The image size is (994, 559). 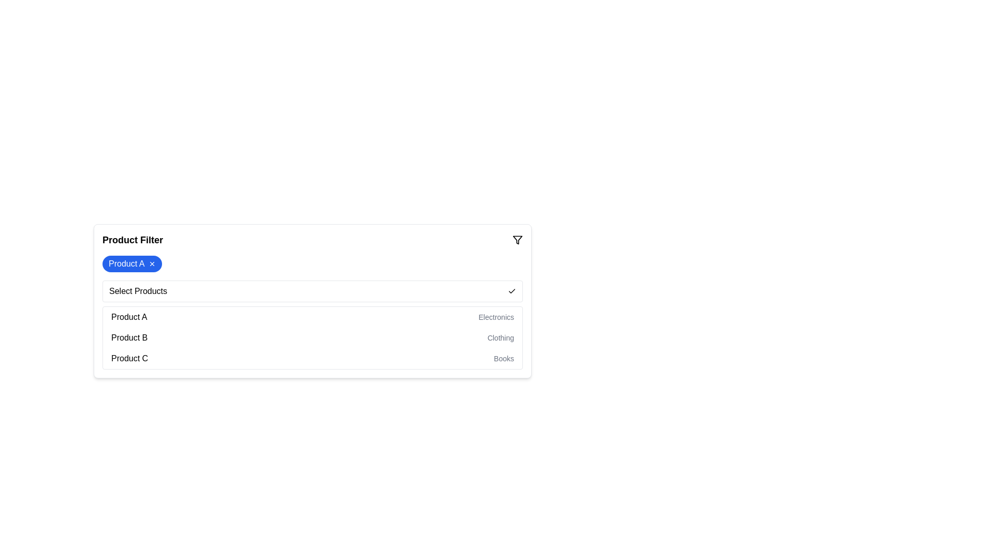 What do you see at coordinates (312, 301) in the screenshot?
I see `an item from the dropdown menu in the product filter box located beneath the 'Product Filter' header` at bounding box center [312, 301].